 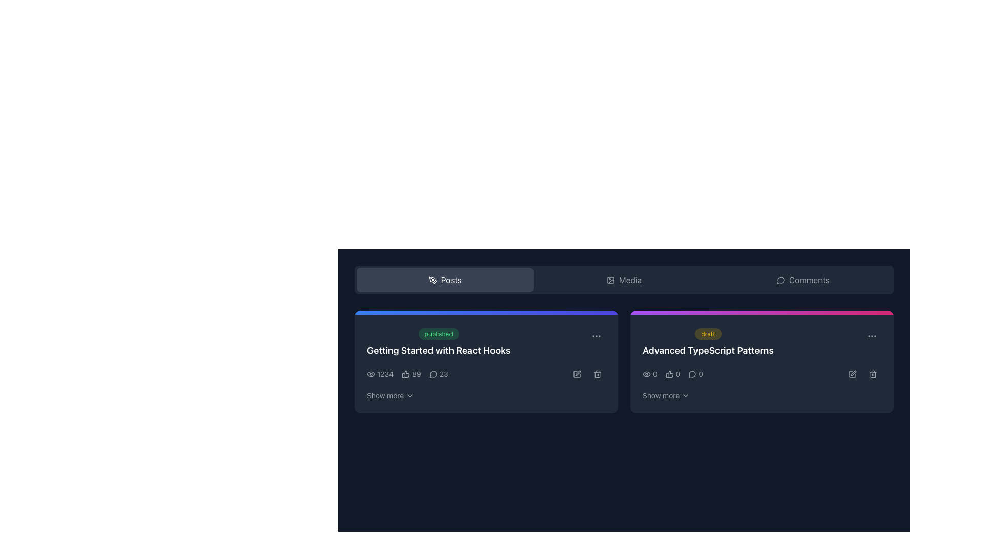 I want to click on the 'Comments' text label located at the top right corner of the interface, which is rendered in a medium-sized font with a grayish hue, so click(x=809, y=280).